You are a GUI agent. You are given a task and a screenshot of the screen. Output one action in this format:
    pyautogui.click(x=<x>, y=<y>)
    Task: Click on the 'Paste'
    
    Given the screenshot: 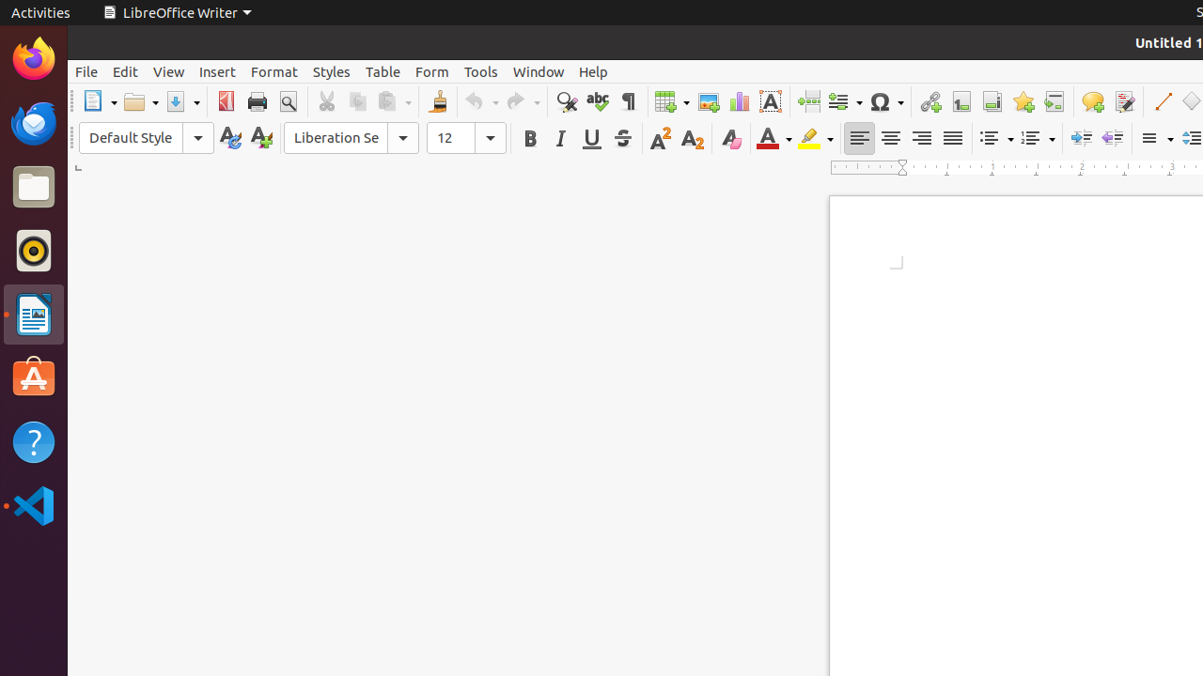 What is the action you would take?
    pyautogui.click(x=392, y=101)
    